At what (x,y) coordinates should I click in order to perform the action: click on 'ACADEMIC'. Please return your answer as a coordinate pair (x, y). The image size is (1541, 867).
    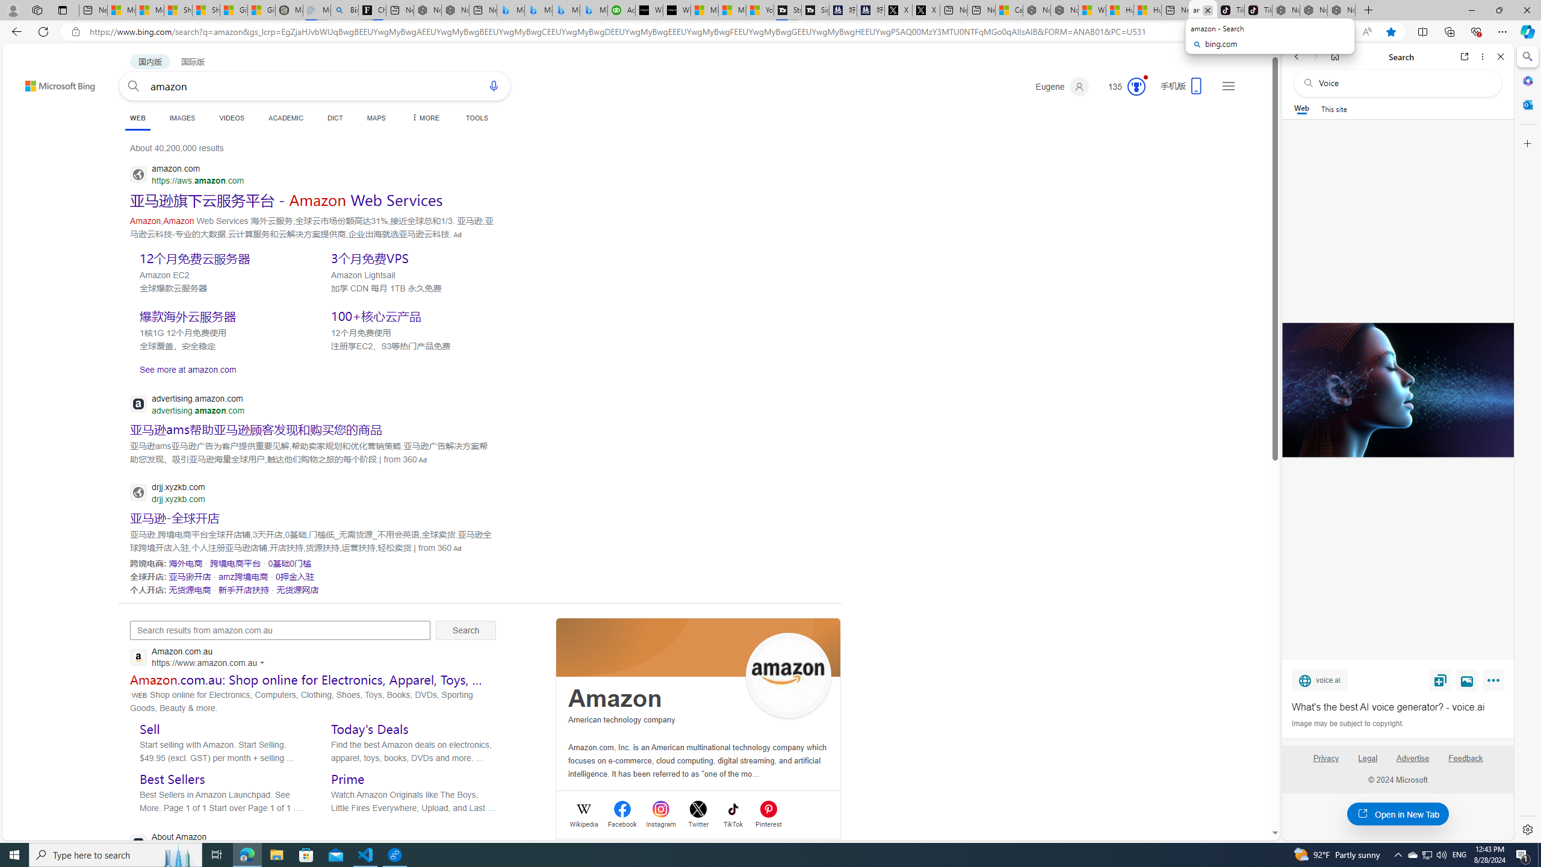
    Looking at the image, I should click on (285, 117).